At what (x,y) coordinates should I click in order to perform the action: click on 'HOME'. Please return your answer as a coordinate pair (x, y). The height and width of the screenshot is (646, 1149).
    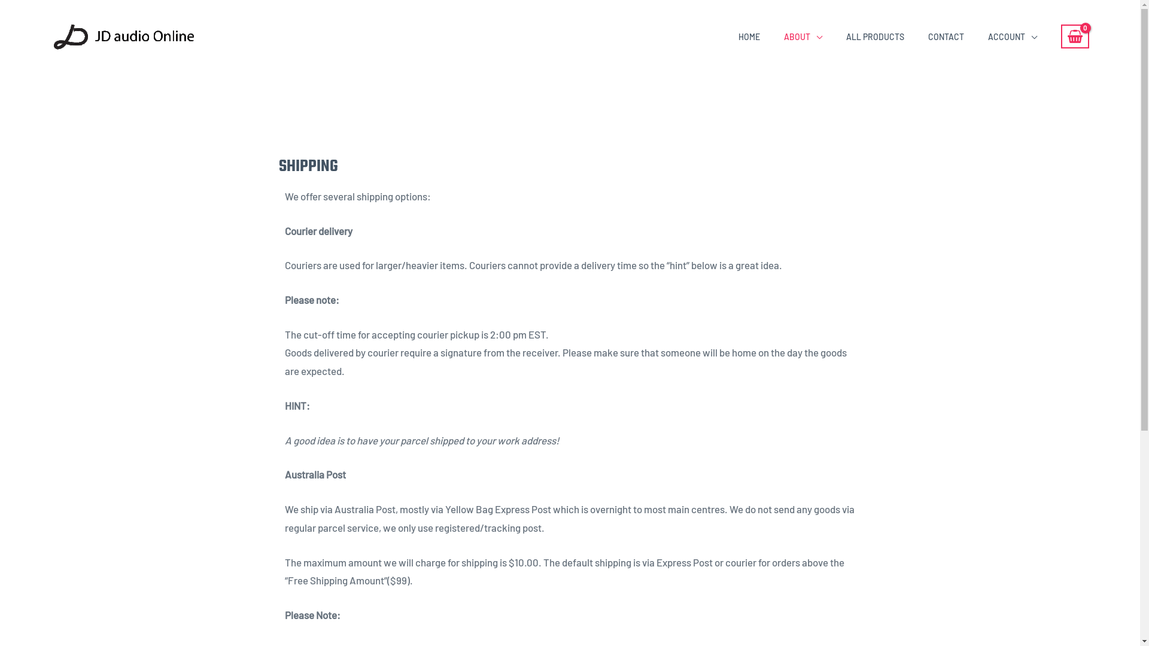
    Looking at the image, I should click on (726, 36).